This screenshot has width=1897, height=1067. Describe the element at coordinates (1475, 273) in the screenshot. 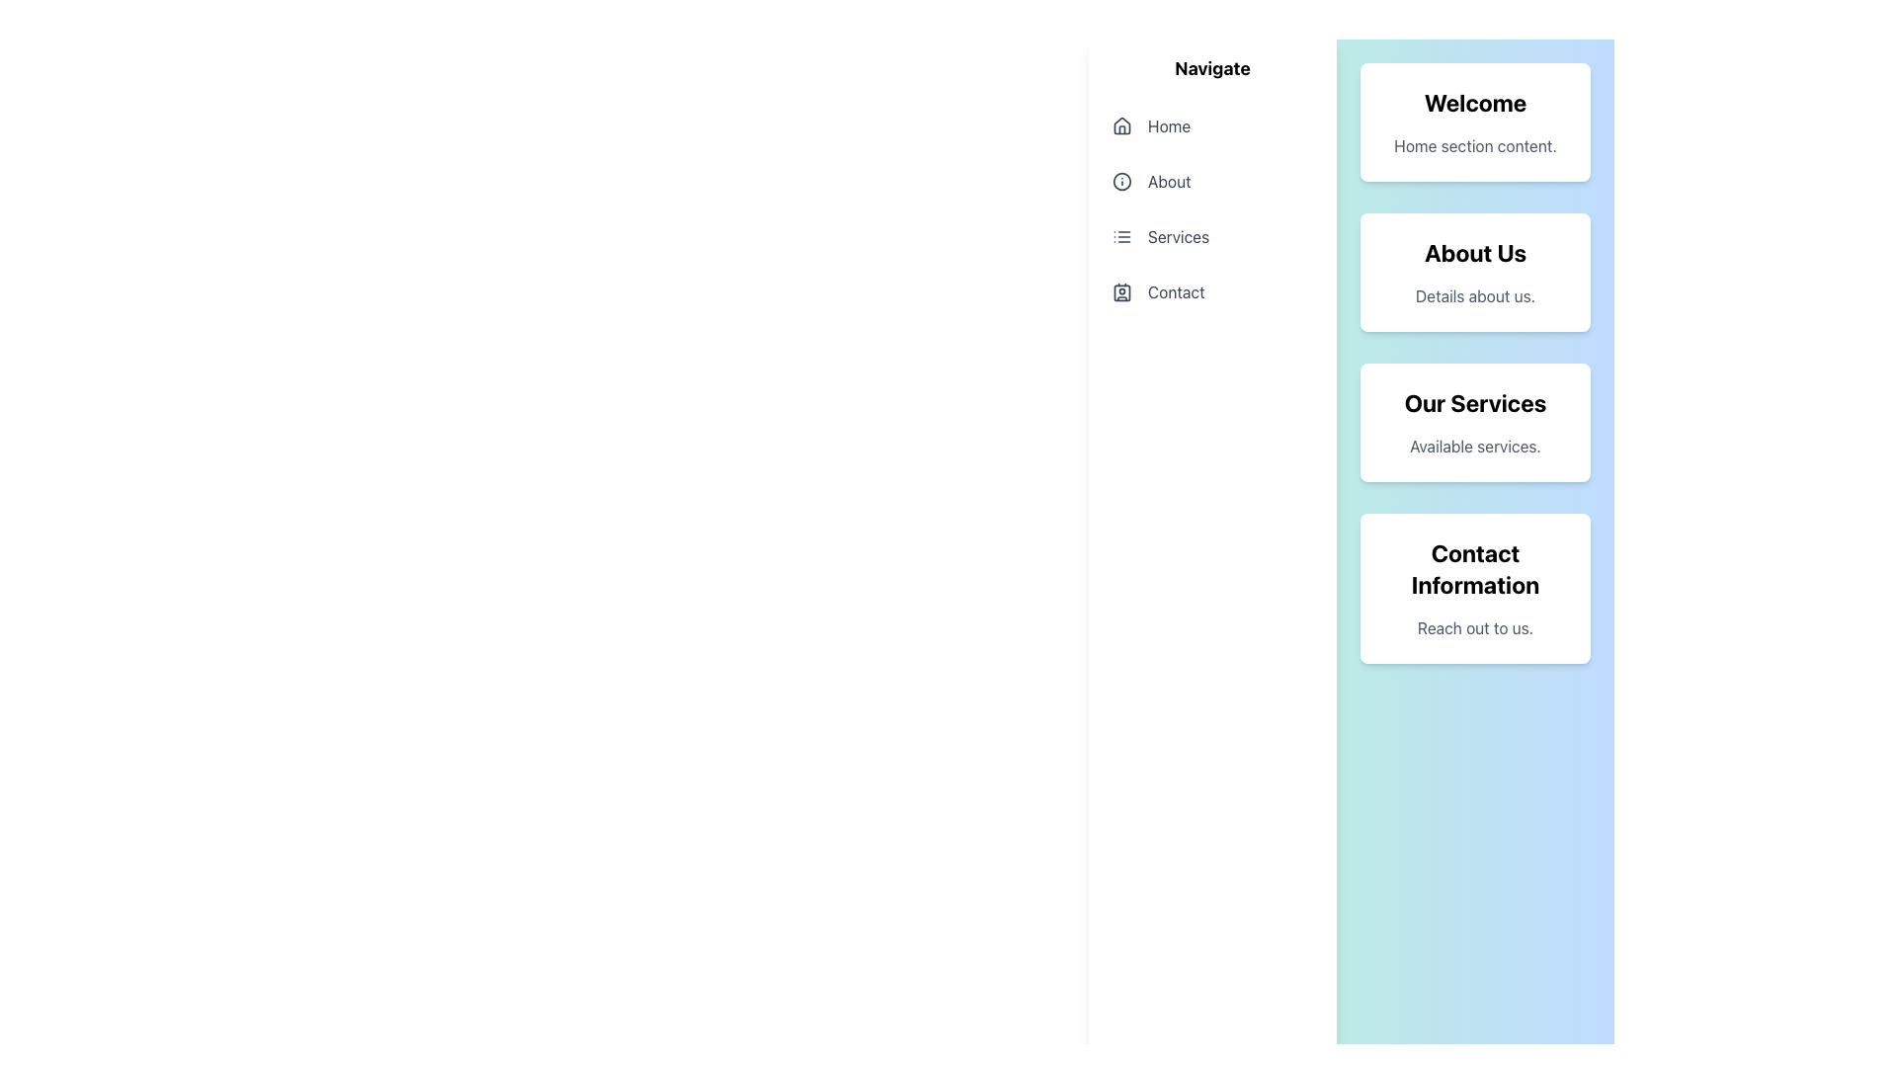

I see `the Informational card that displays introductory information about the organization, located in the second position of the vertically stacked list of cards` at that location.